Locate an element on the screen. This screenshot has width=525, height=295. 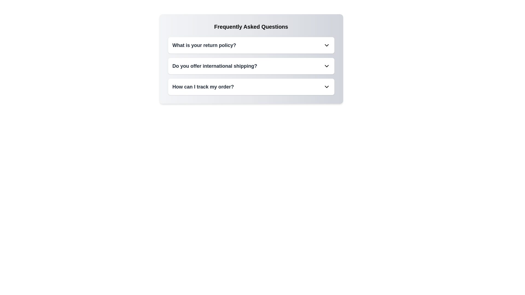
the chevron icon to toggle the visibility of the FAQ item corresponding to What is your return policy? is located at coordinates (326, 45).